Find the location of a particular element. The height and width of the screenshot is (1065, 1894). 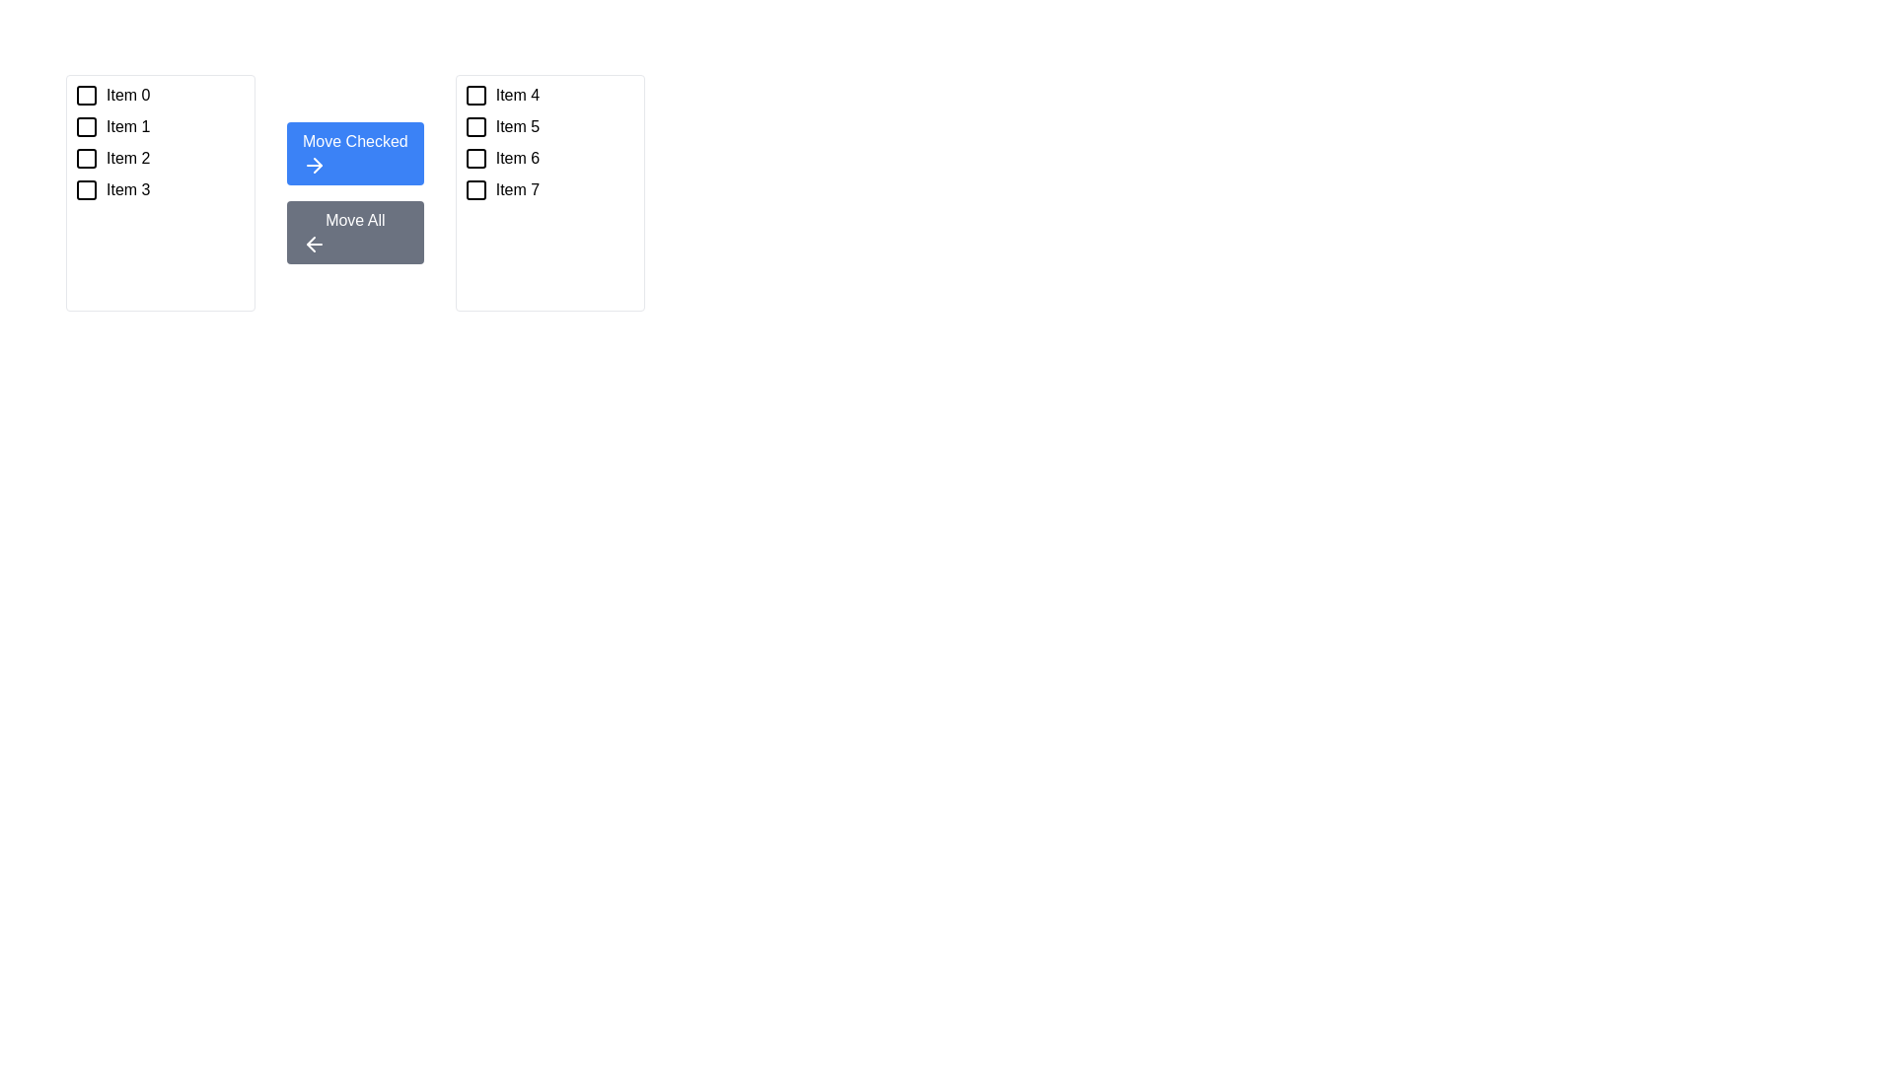

the Checkbox Indicator next to 'Item 3' is located at coordinates (85, 189).